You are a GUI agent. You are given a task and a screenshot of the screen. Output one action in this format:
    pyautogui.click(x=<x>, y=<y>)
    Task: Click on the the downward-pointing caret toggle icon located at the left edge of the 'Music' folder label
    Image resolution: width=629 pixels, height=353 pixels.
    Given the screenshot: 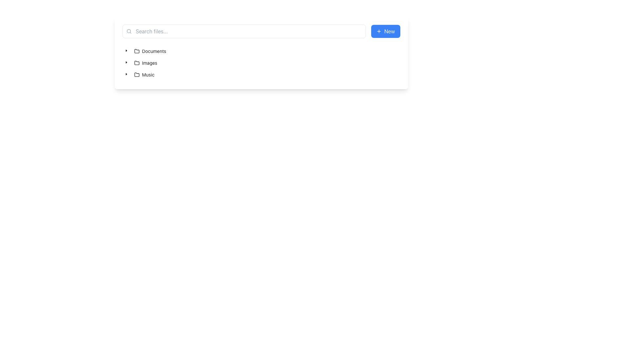 What is the action you would take?
    pyautogui.click(x=126, y=74)
    